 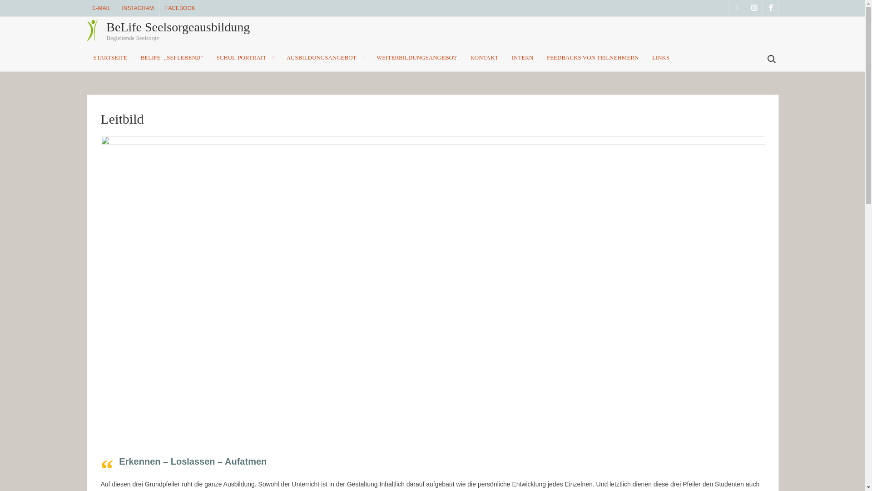 What do you see at coordinates (660, 58) in the screenshot?
I see `'LINKS'` at bounding box center [660, 58].